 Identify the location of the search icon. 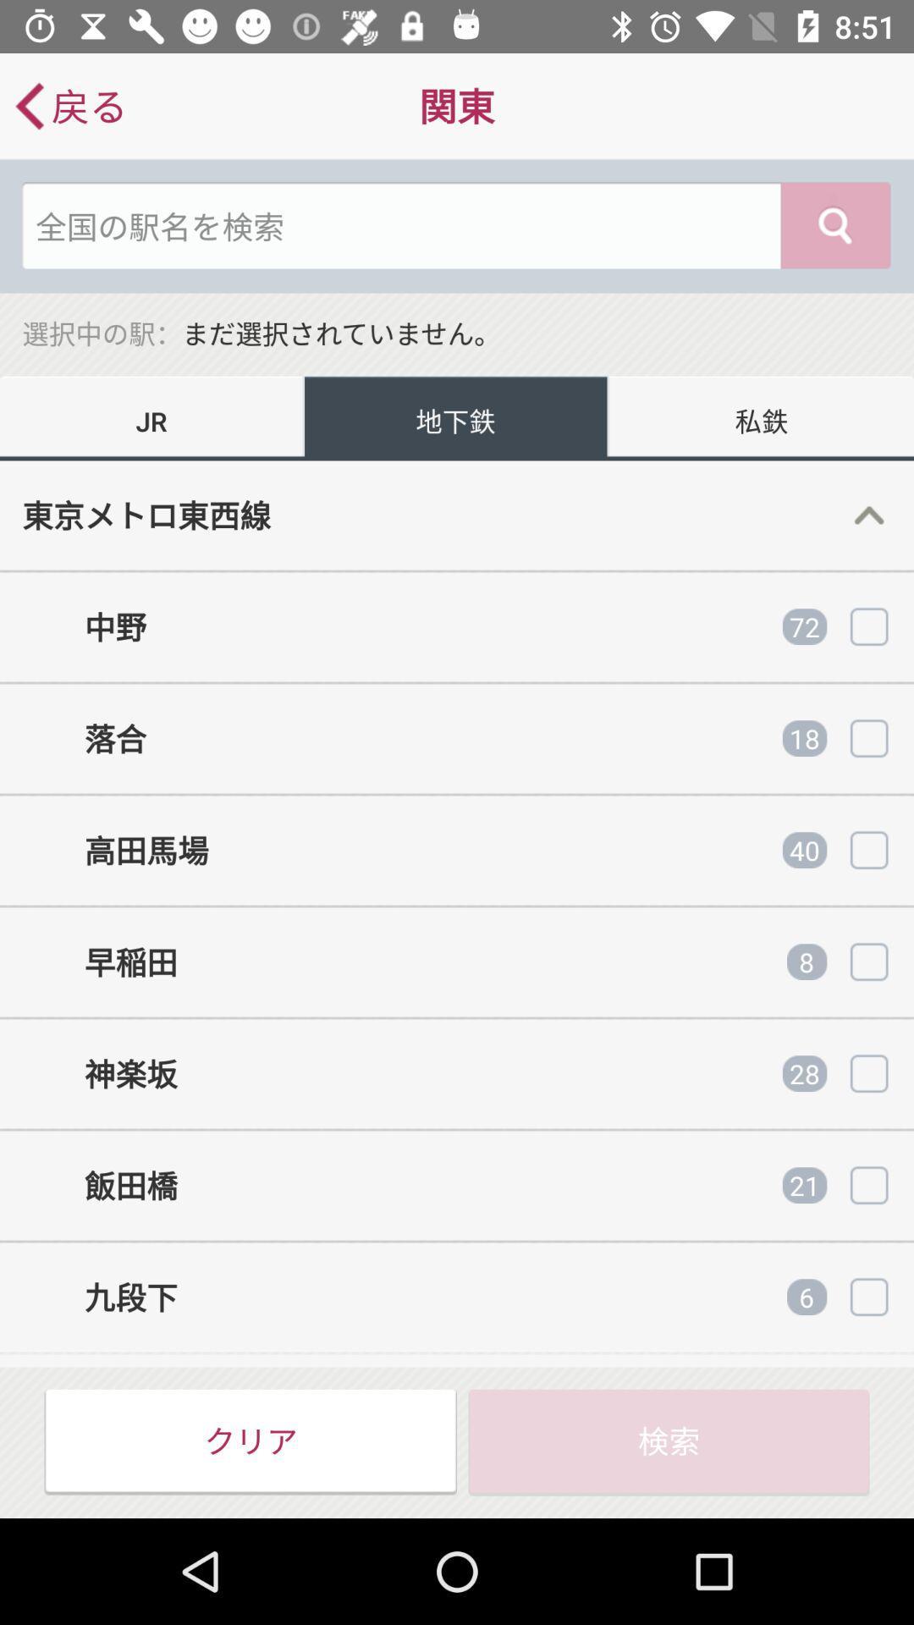
(835, 225).